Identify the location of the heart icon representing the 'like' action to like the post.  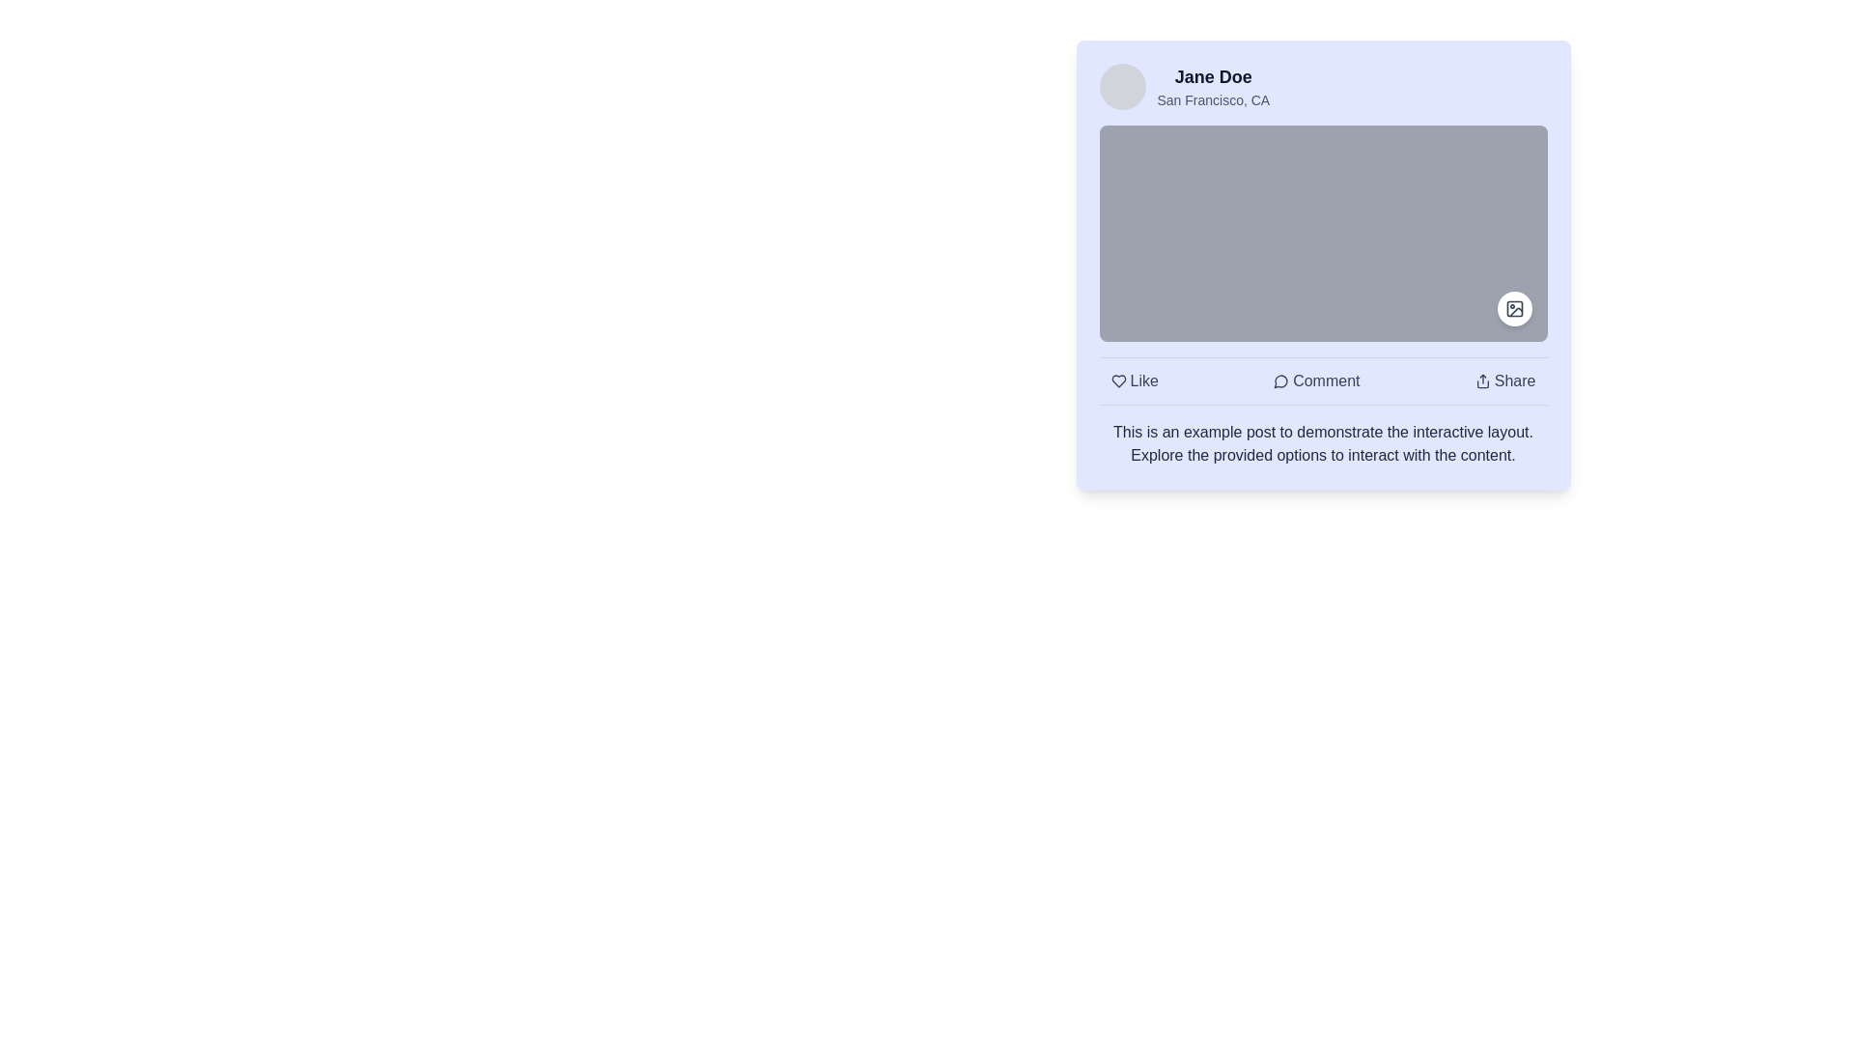
(1118, 381).